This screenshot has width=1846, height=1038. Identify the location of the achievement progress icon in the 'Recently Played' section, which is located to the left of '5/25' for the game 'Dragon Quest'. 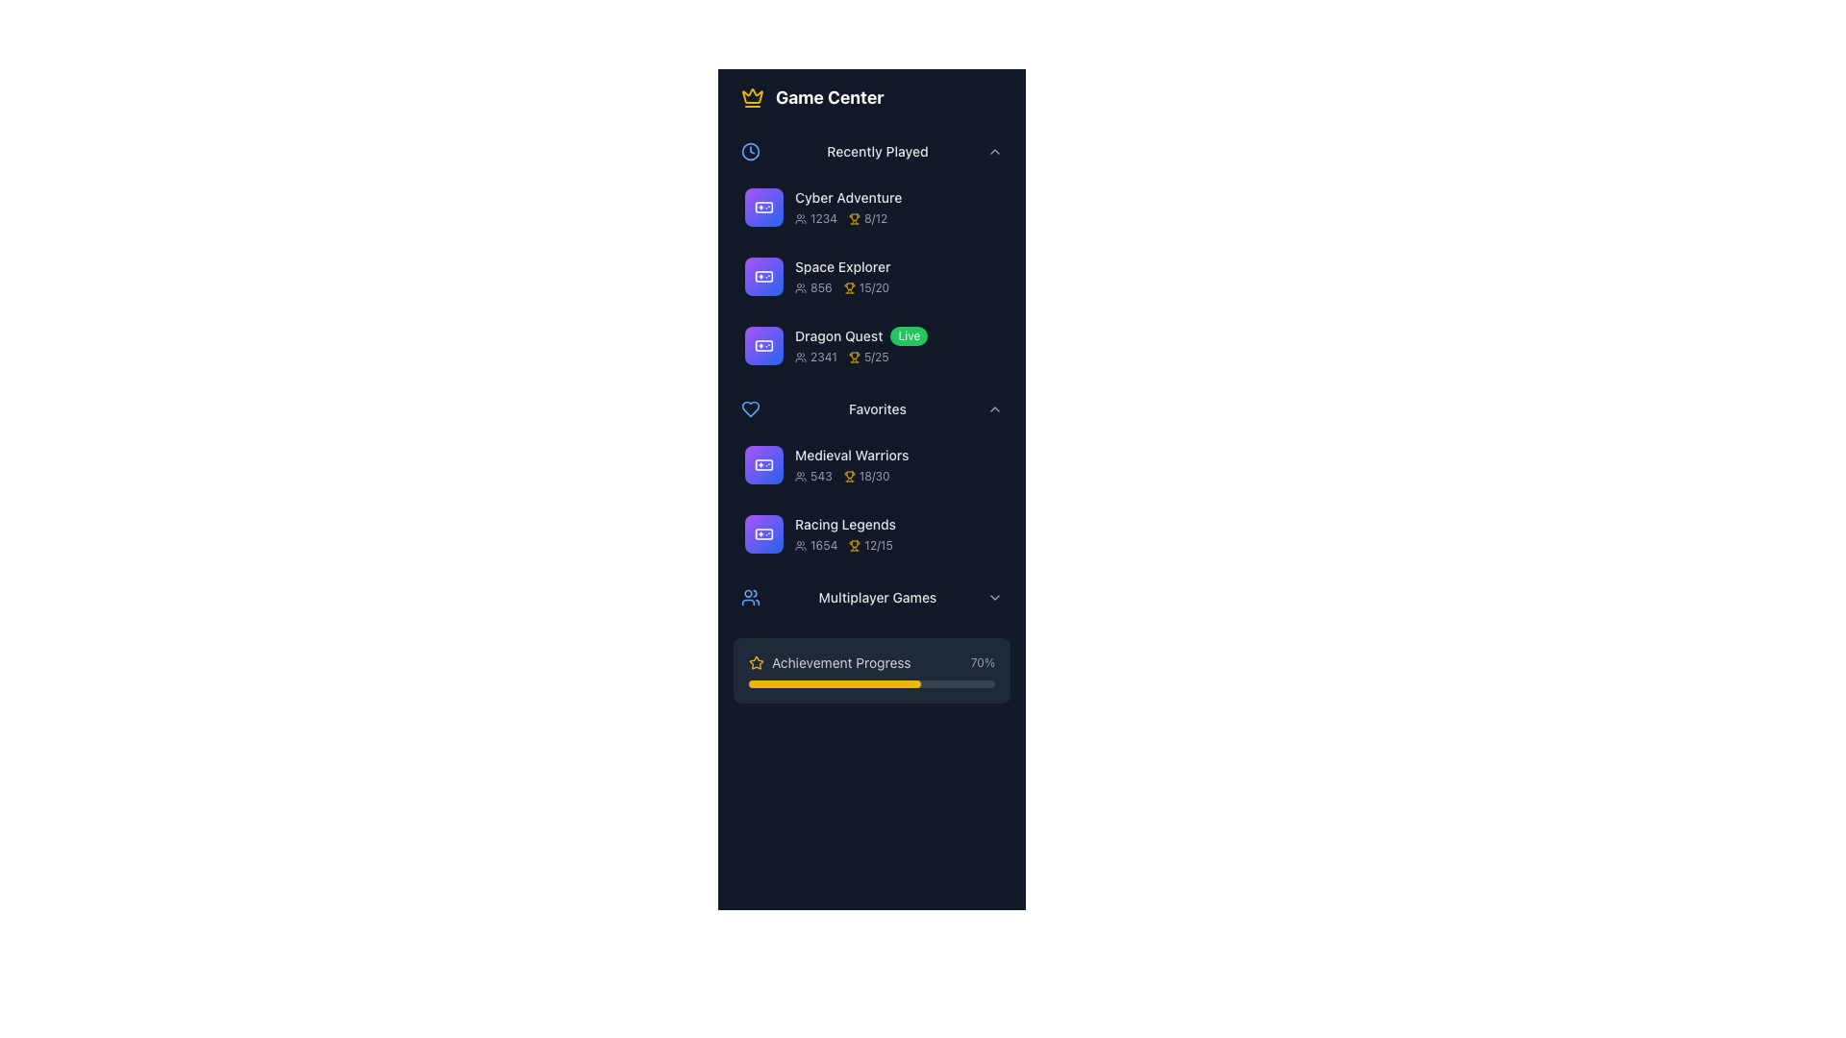
(853, 357).